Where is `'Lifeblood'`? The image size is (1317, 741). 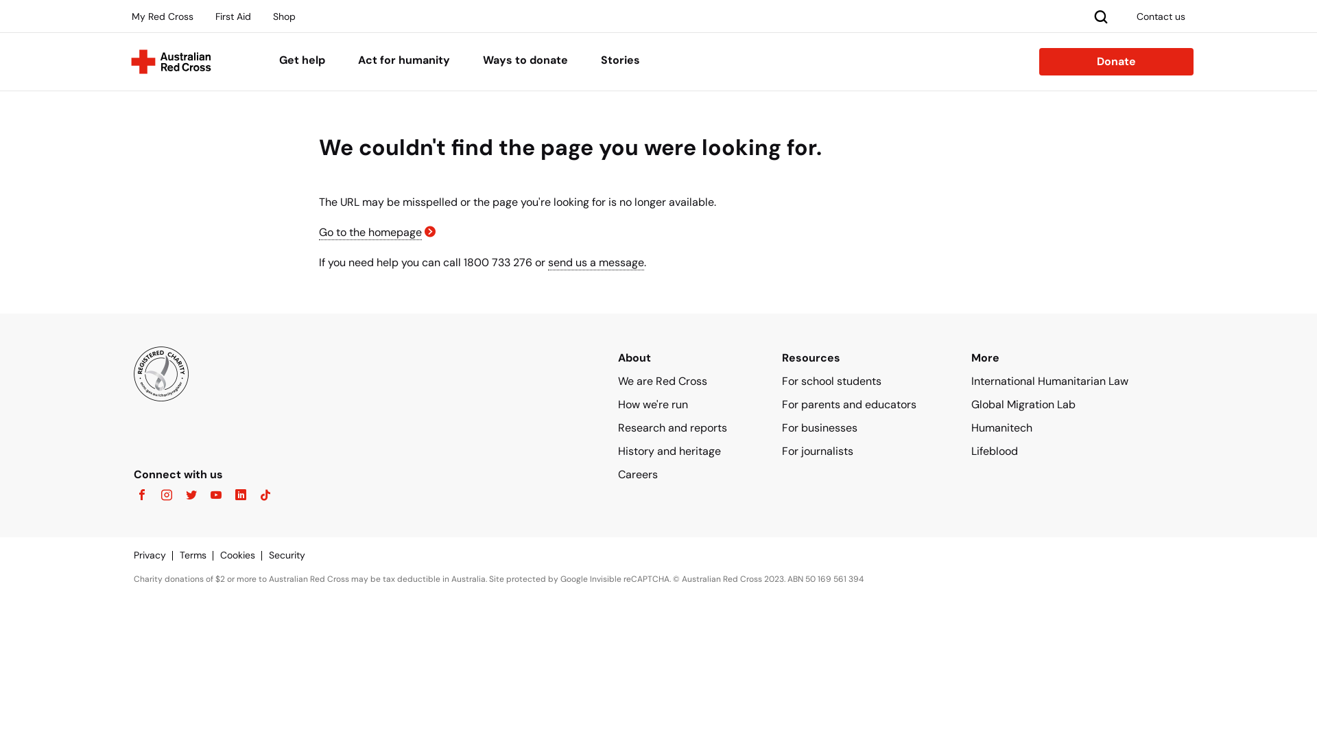
'Lifeblood' is located at coordinates (994, 451).